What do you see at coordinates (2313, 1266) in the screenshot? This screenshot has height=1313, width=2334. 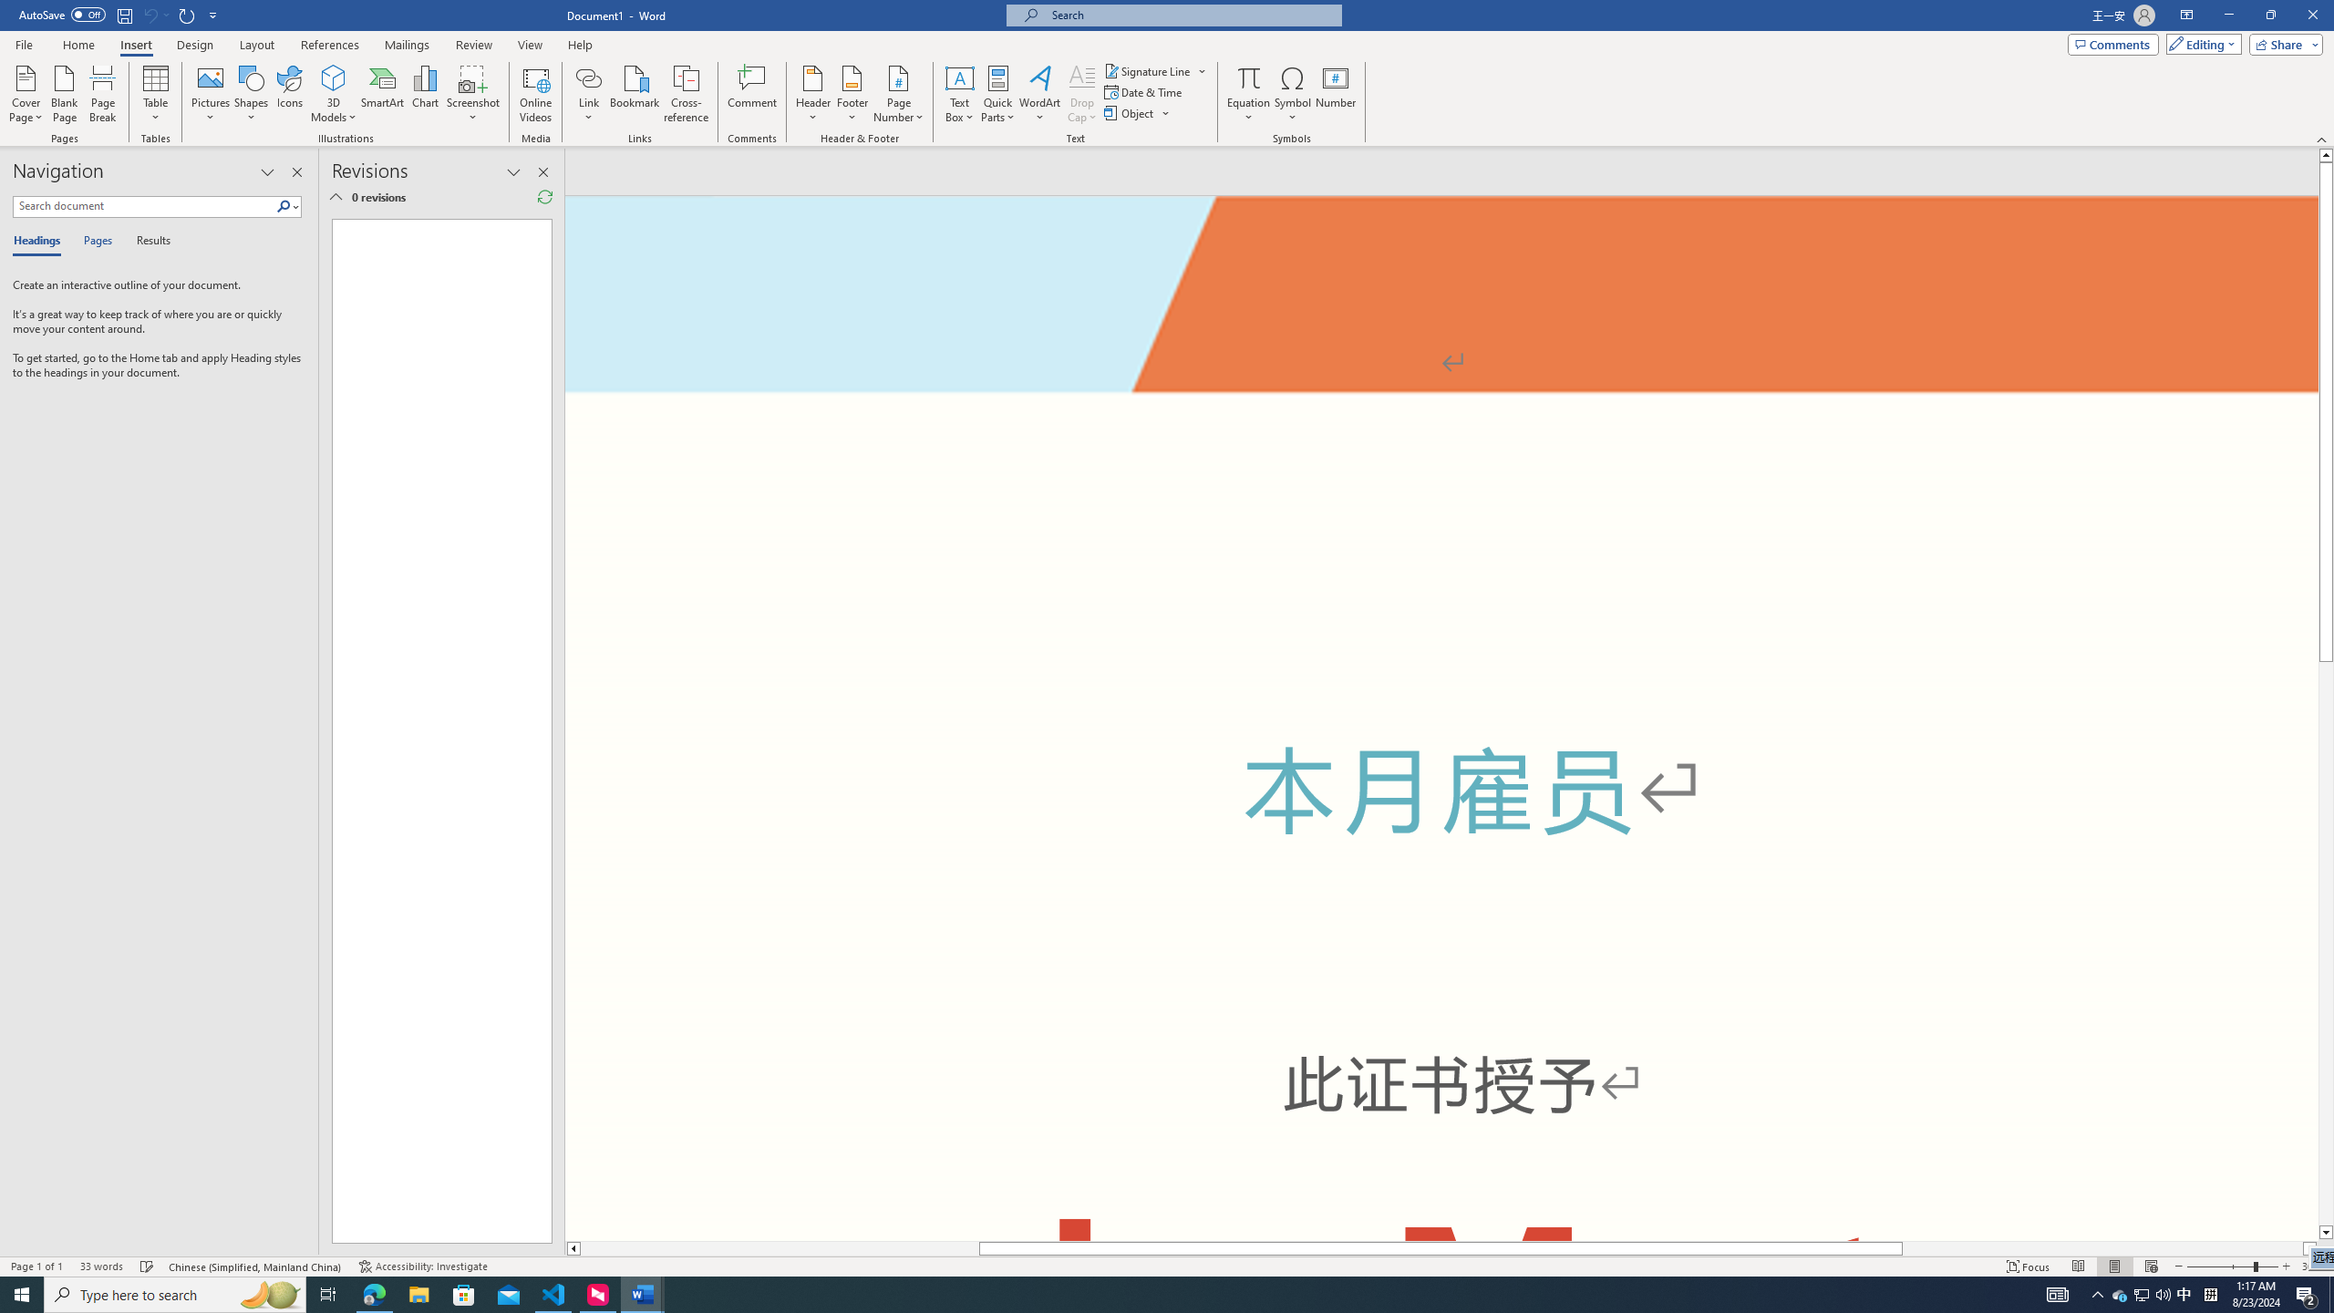 I see `'Zoom 308%'` at bounding box center [2313, 1266].